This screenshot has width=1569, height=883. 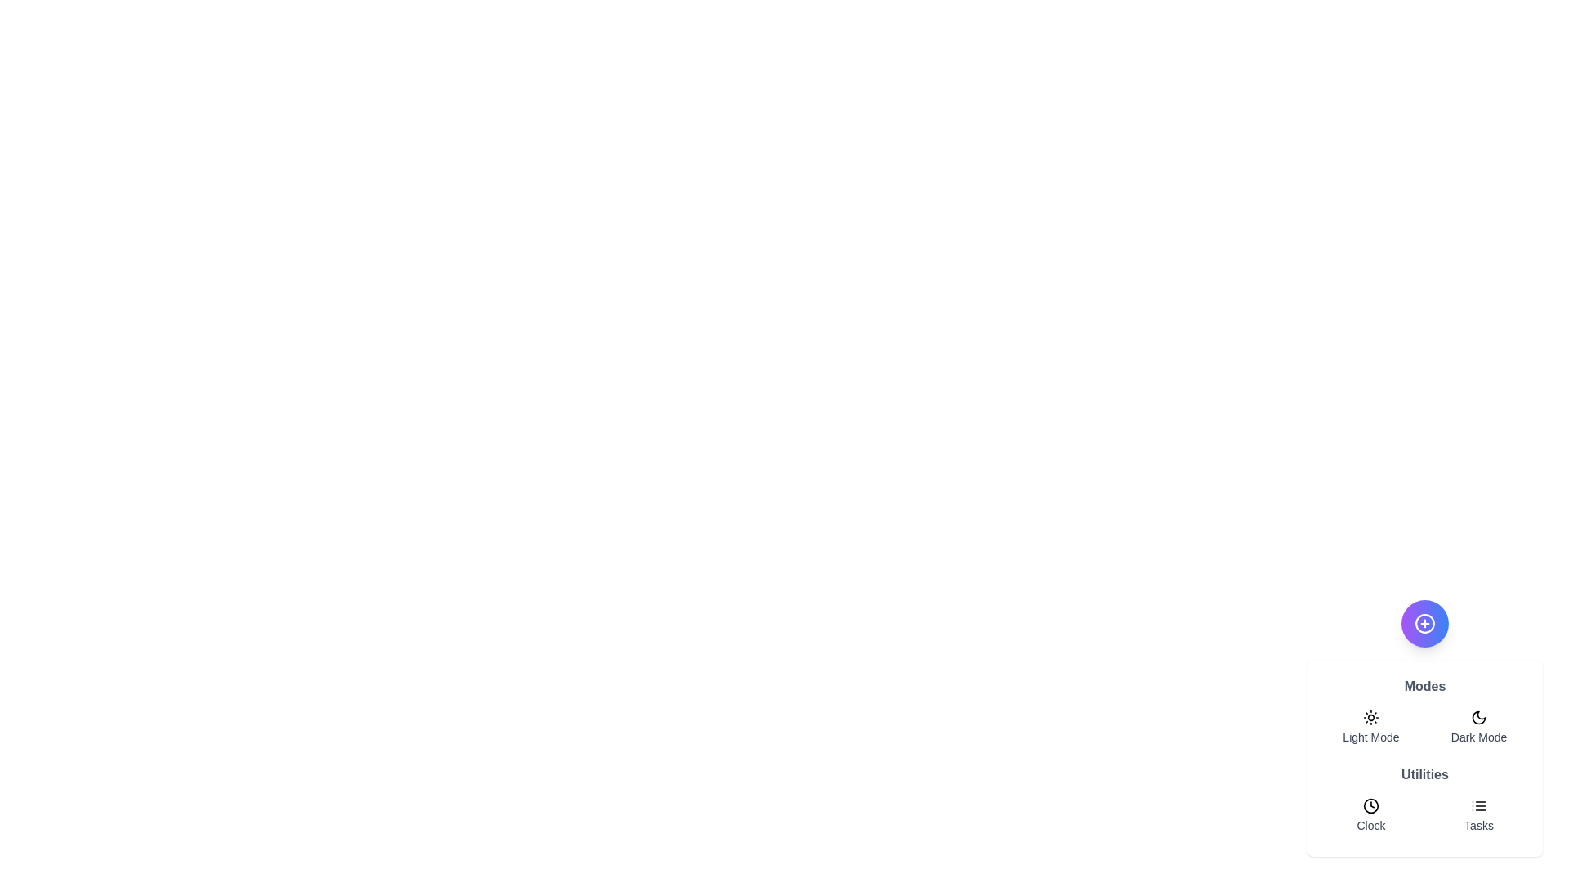 I want to click on the 'Tasks' option in the DynamicSpeedDial menu, so click(x=1478, y=816).